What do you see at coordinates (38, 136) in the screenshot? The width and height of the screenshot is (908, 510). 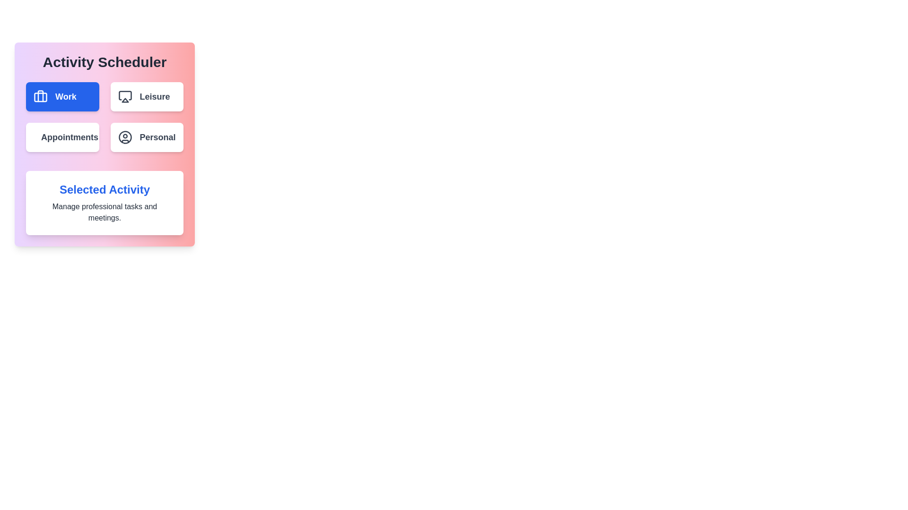 I see `the SVG rectangle that represents a calendar day icon within the upper-left quadrant of the icon's design` at bounding box center [38, 136].